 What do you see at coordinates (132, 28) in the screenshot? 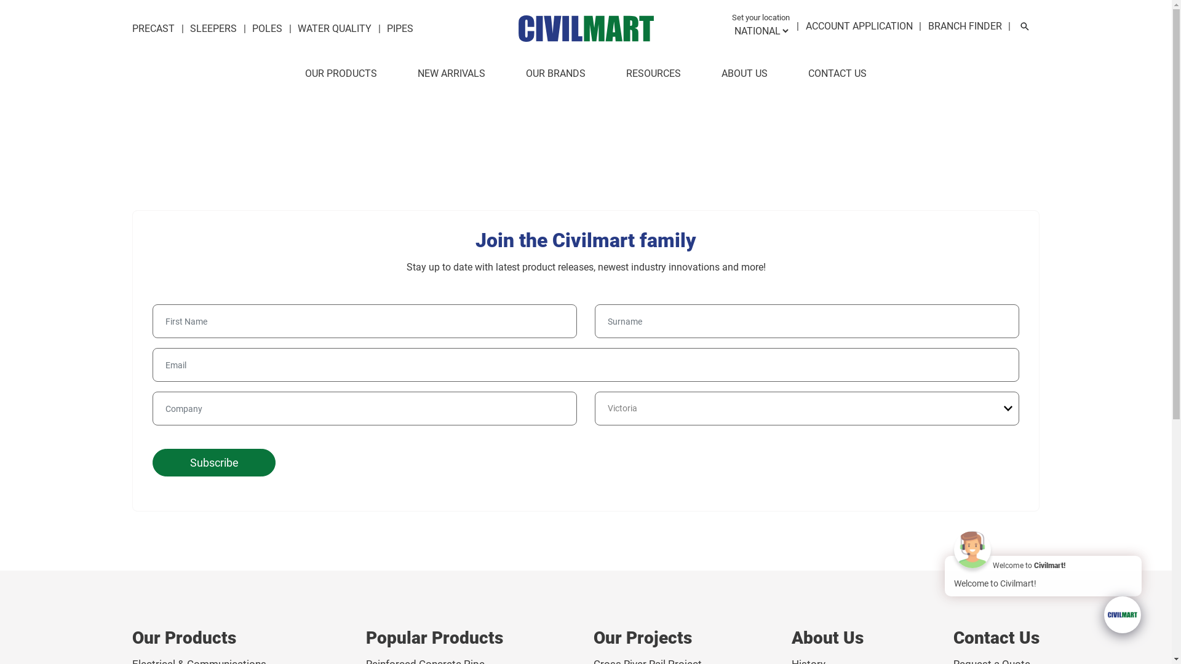
I see `'PRECAST'` at bounding box center [132, 28].